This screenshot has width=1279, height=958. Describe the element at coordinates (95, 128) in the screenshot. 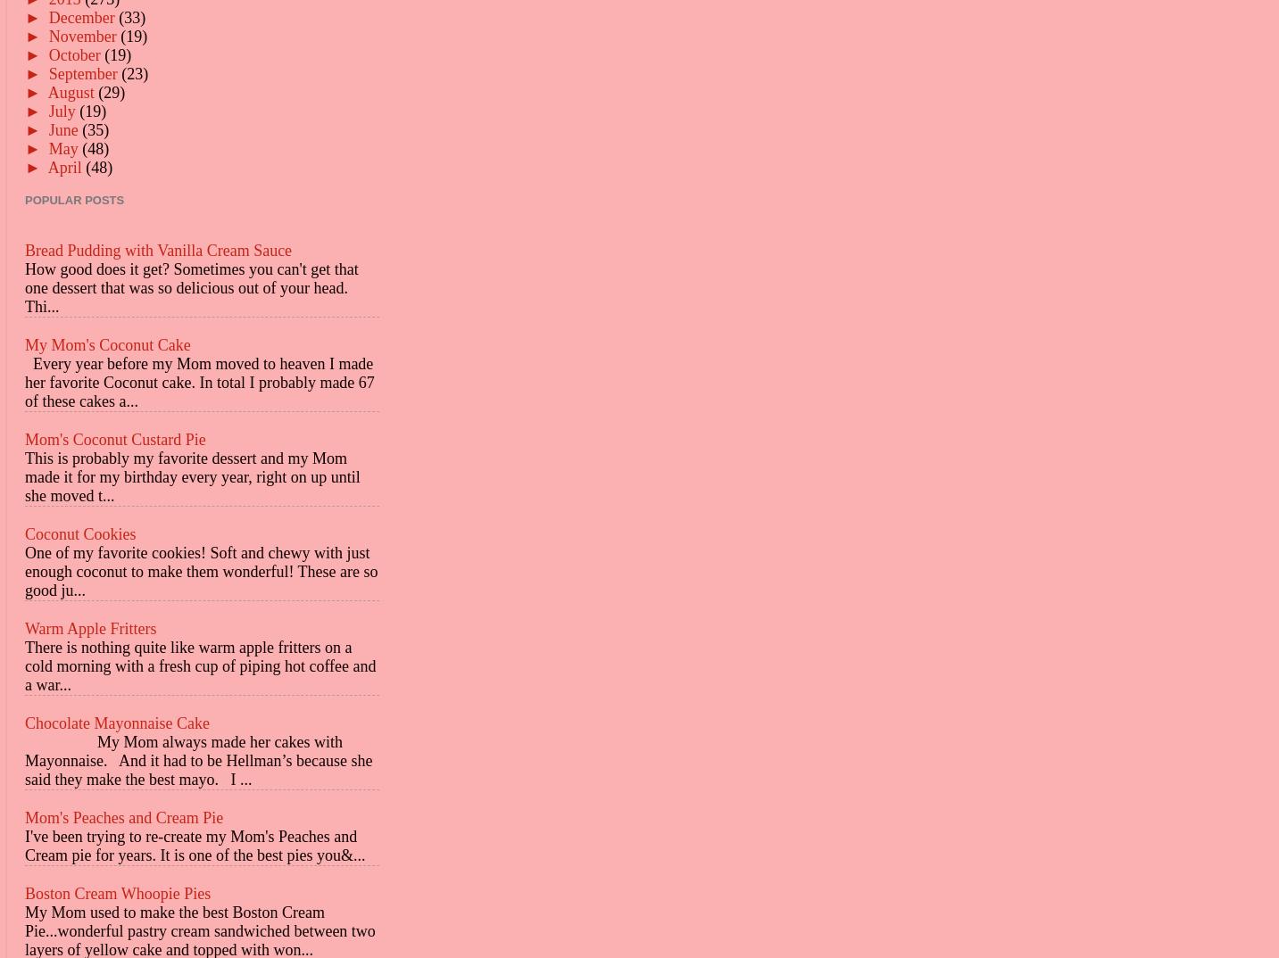

I see `'(35)'` at that location.